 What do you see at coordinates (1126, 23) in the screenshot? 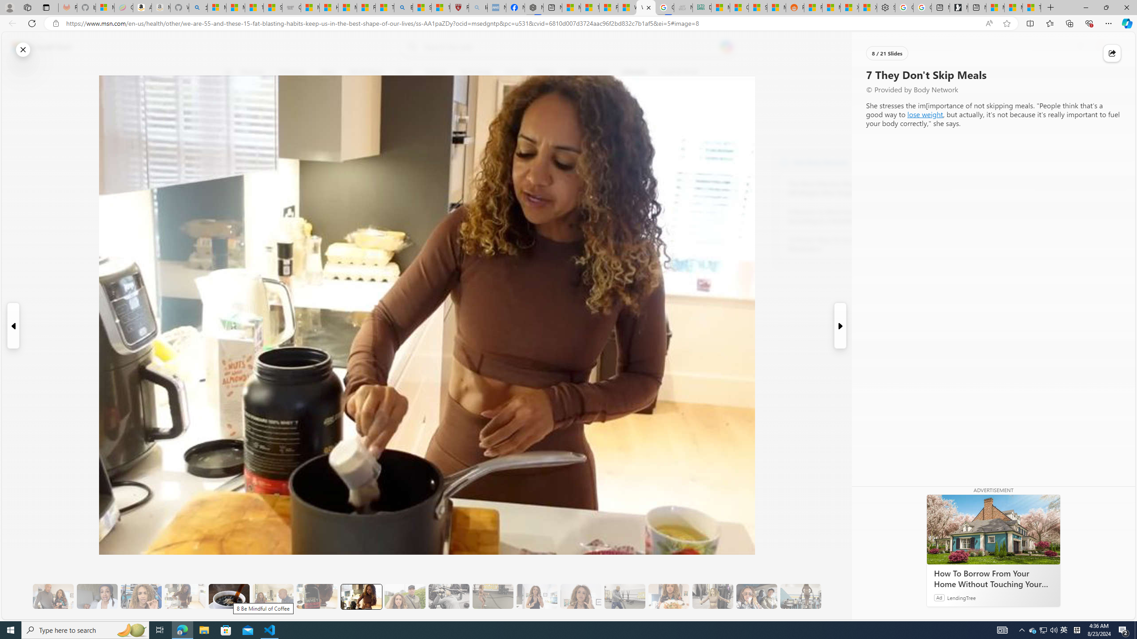
I see `'Copilot (Ctrl+Shift+.)'` at bounding box center [1126, 23].